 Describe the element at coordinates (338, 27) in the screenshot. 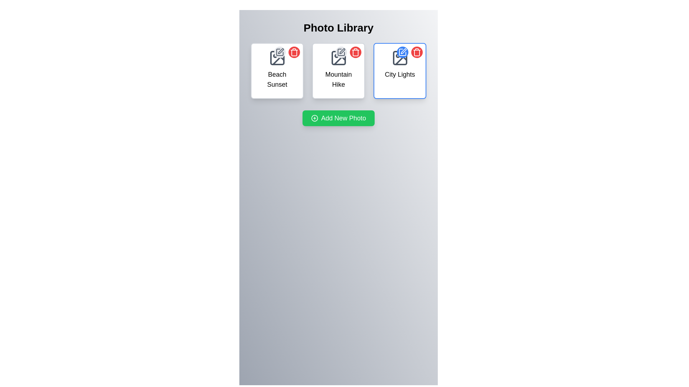

I see `the heading Text Label of the photo library interface, which is centrally positioned at the top of the page and serves as the primary indicator of the page's content` at that location.